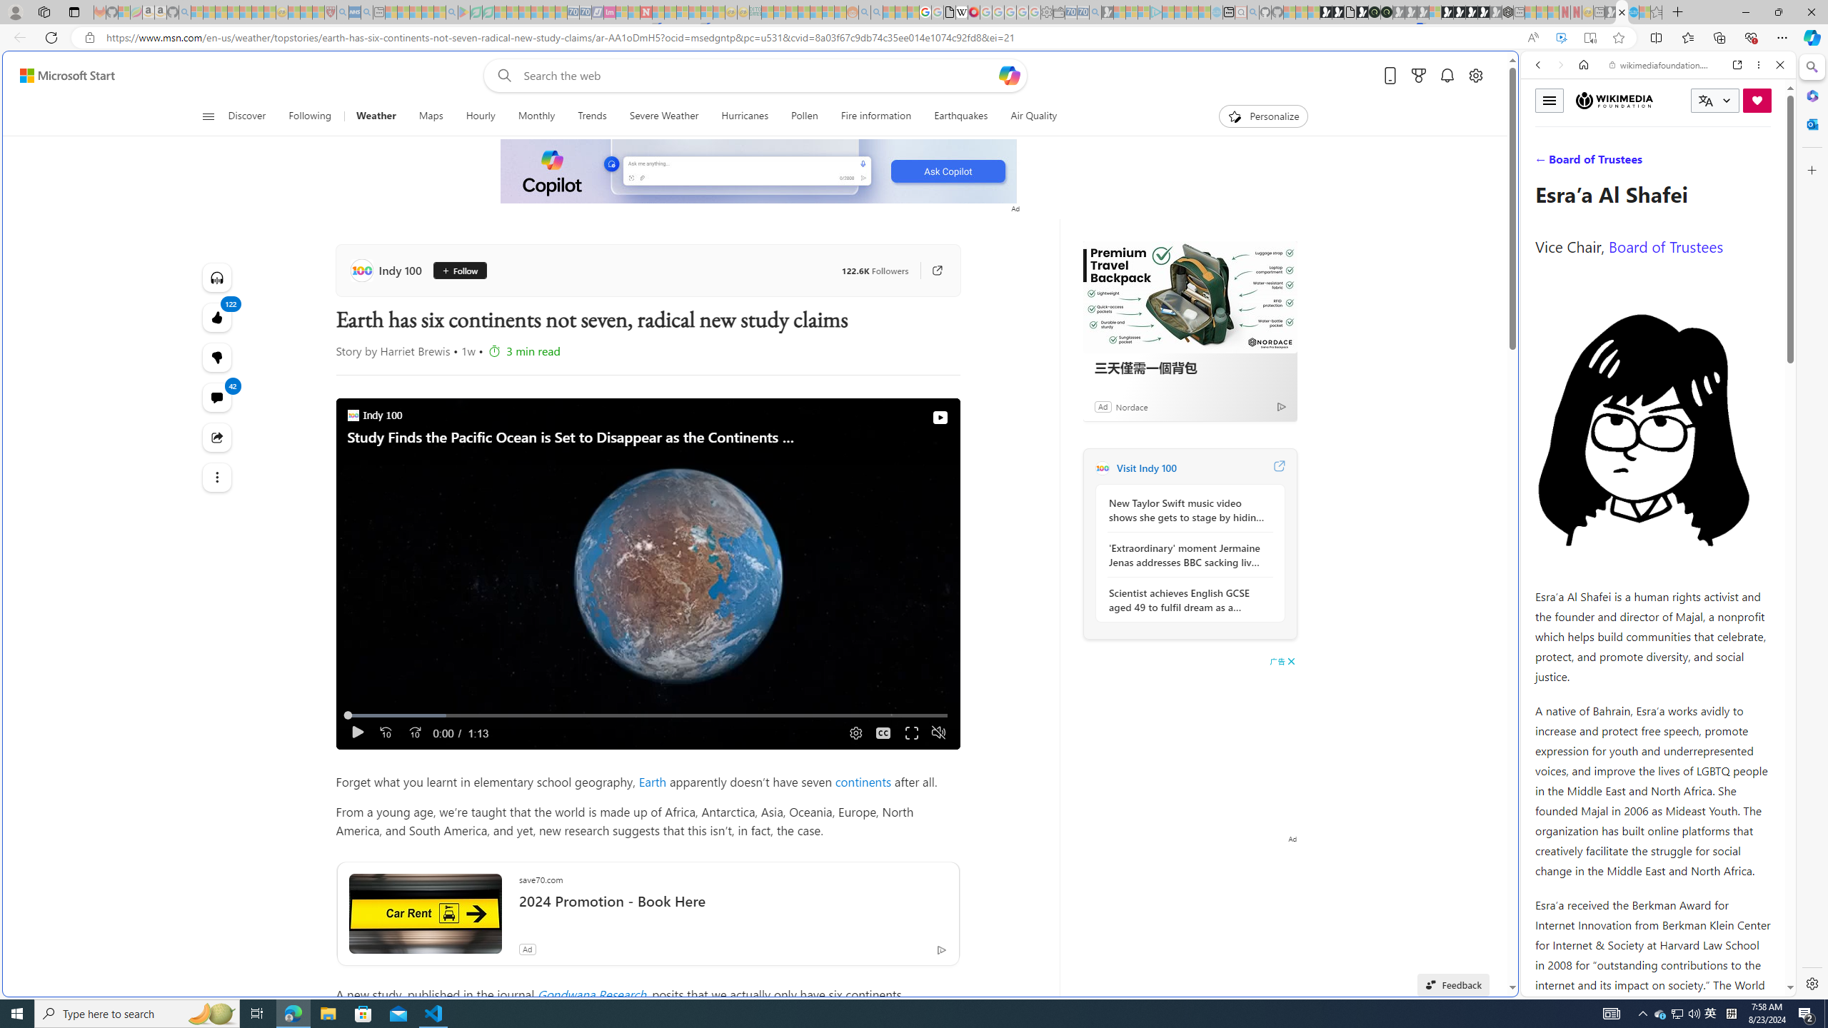  What do you see at coordinates (1290, 661) in the screenshot?
I see `'AutomationID: cbb'` at bounding box center [1290, 661].